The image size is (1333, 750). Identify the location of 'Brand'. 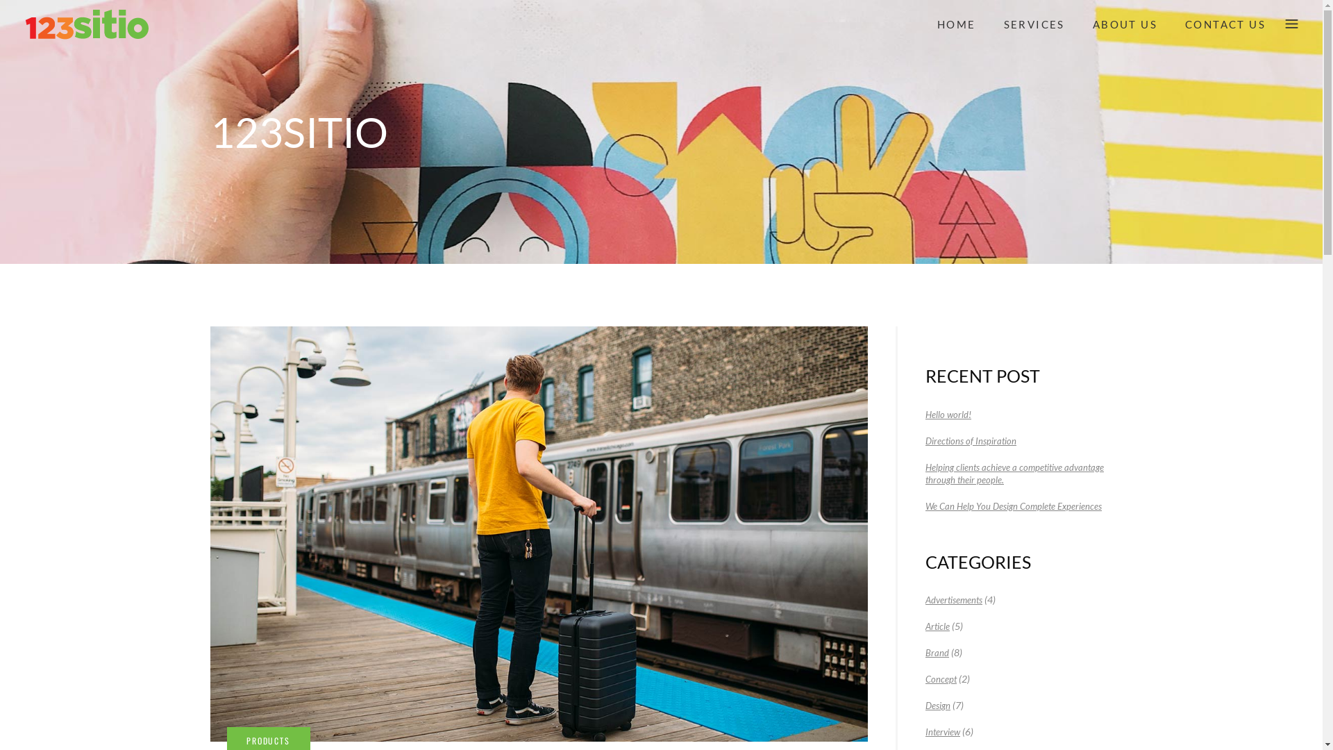
(937, 653).